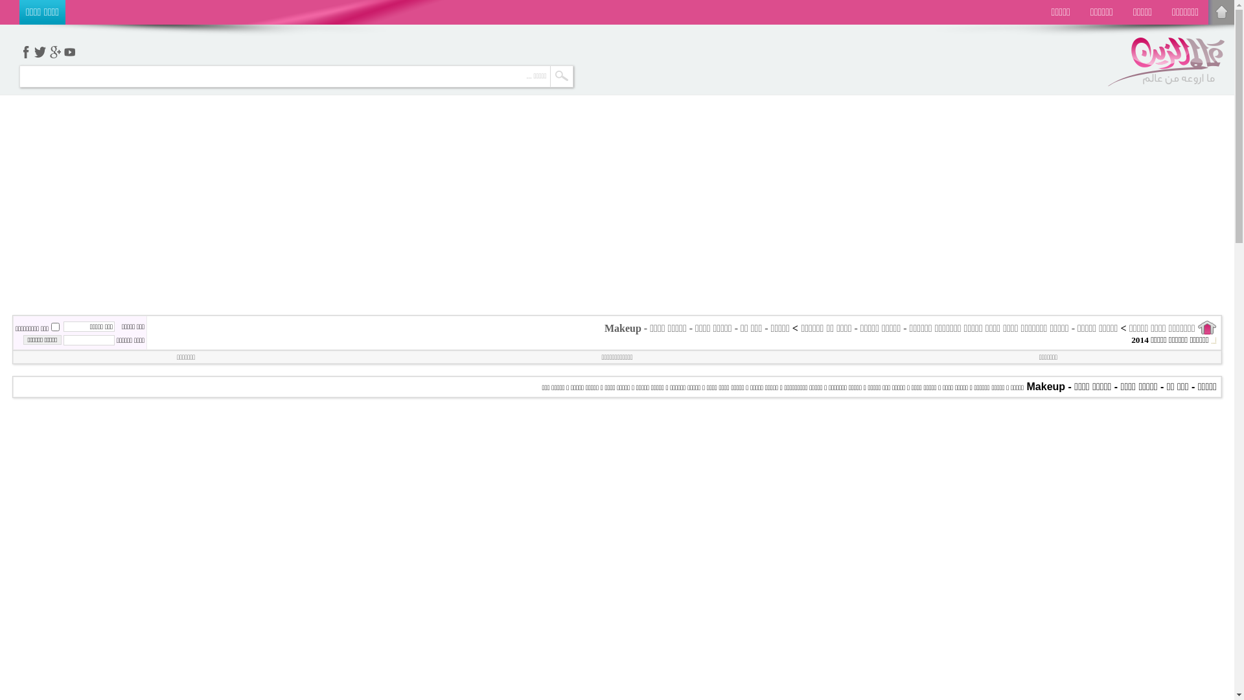  What do you see at coordinates (67, 52) in the screenshot?
I see `'youtube'` at bounding box center [67, 52].